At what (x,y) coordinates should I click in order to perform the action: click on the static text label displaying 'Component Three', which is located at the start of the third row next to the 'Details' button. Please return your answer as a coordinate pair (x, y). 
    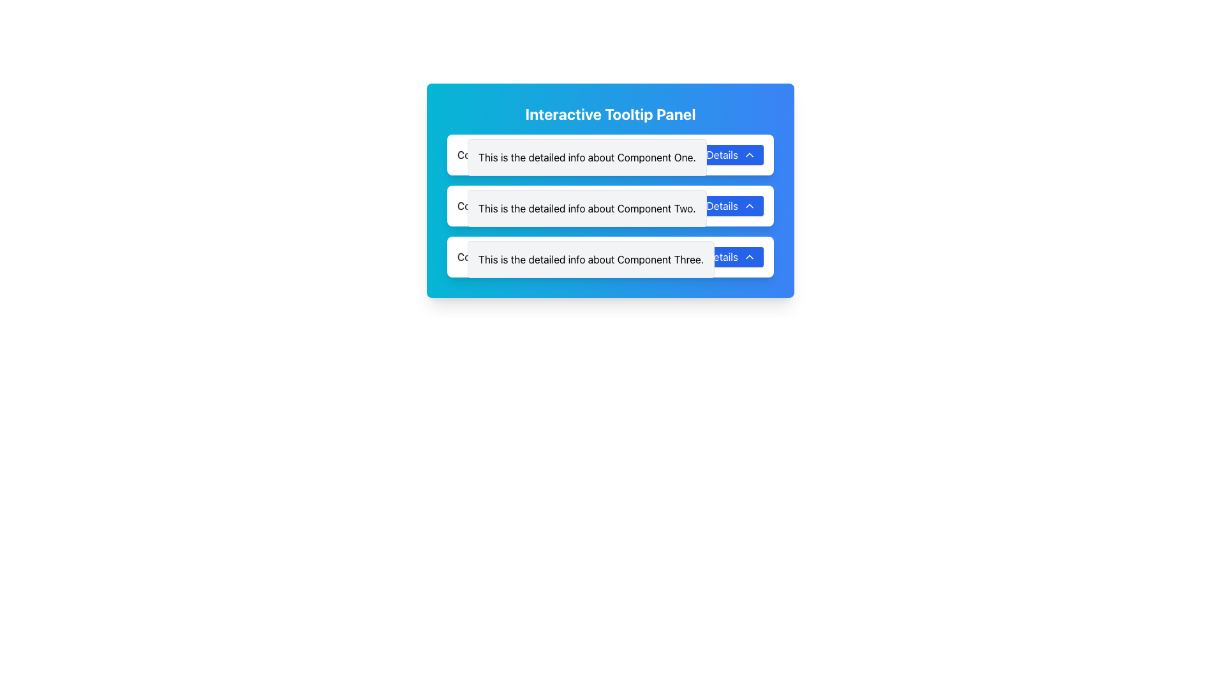
    Looking at the image, I should click on (499, 256).